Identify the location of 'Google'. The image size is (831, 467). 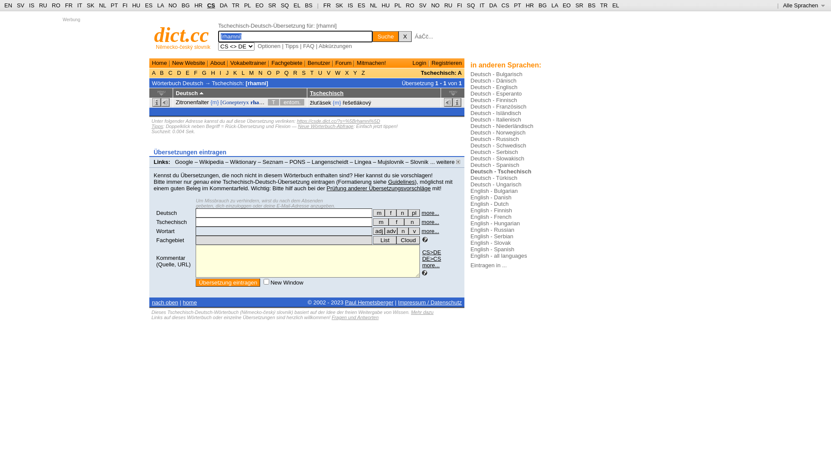
(184, 162).